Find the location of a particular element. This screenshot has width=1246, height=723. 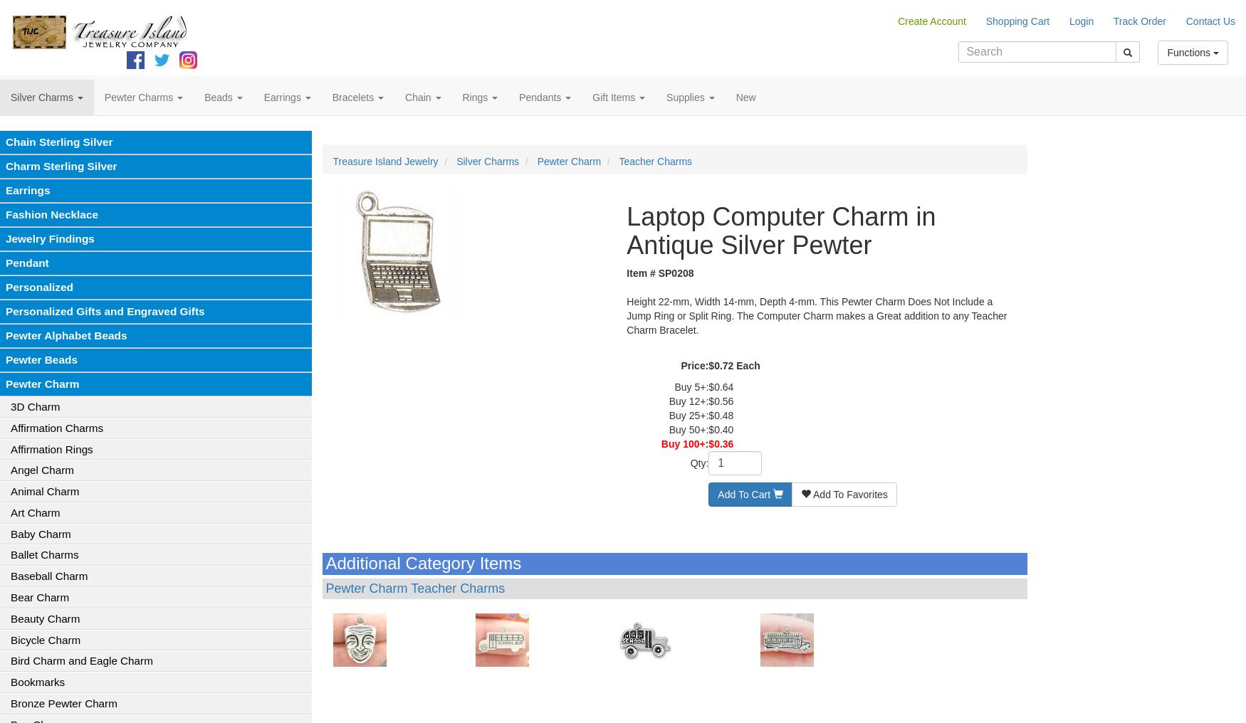

'Affirmation Charms' is located at coordinates (10, 427).